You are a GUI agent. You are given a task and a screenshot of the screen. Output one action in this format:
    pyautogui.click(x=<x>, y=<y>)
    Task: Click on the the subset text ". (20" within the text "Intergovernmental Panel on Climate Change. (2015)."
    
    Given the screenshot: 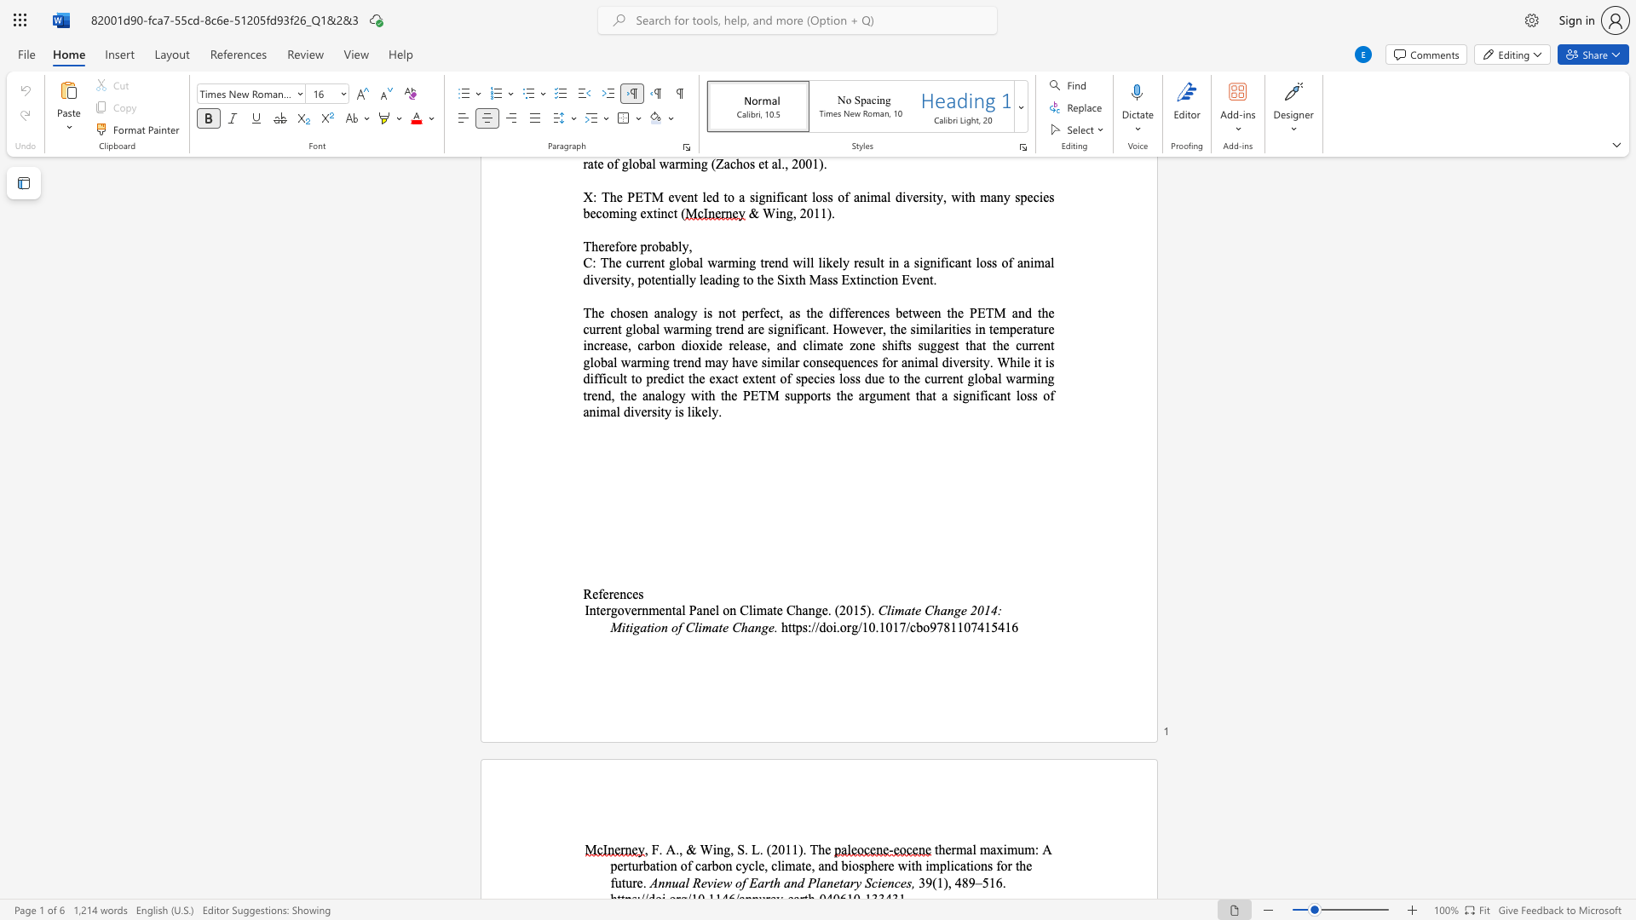 What is the action you would take?
    pyautogui.click(x=827, y=609)
    